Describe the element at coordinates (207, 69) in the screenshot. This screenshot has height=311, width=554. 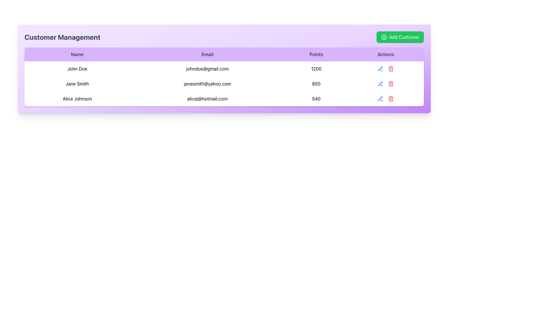
I see `the text element displaying the email 'johndoe@gmail.com' which is located in the second column of the first row of a table under the 'Email' heading` at that location.